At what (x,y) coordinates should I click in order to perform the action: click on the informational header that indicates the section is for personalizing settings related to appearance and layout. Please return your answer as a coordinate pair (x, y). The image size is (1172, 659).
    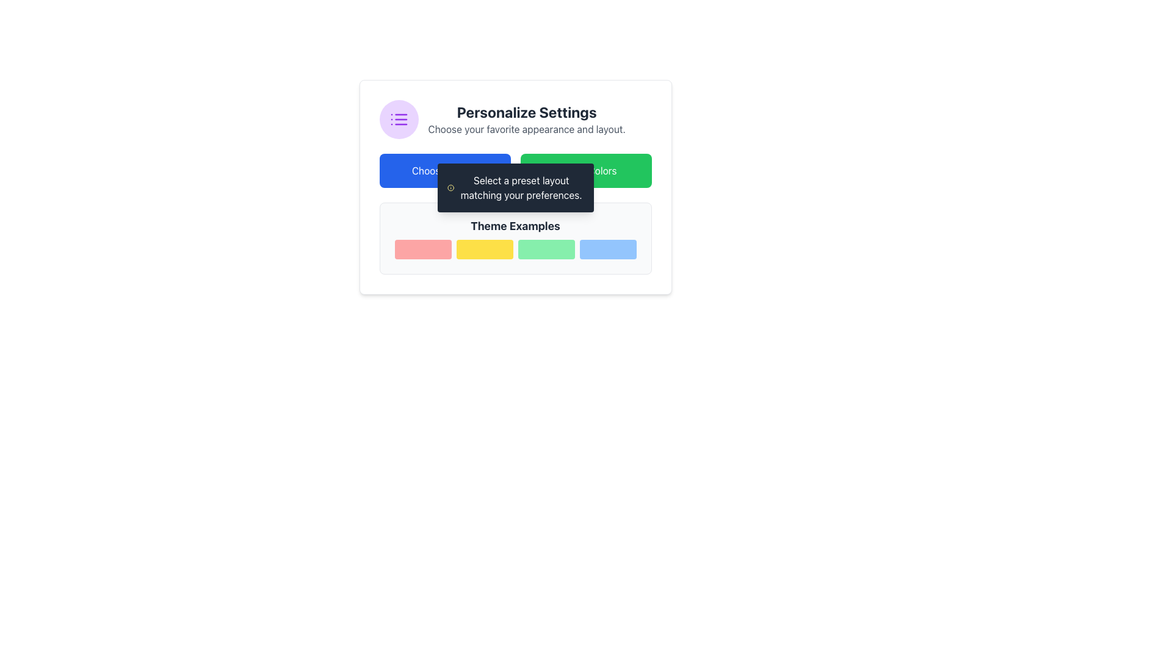
    Looking at the image, I should click on (515, 120).